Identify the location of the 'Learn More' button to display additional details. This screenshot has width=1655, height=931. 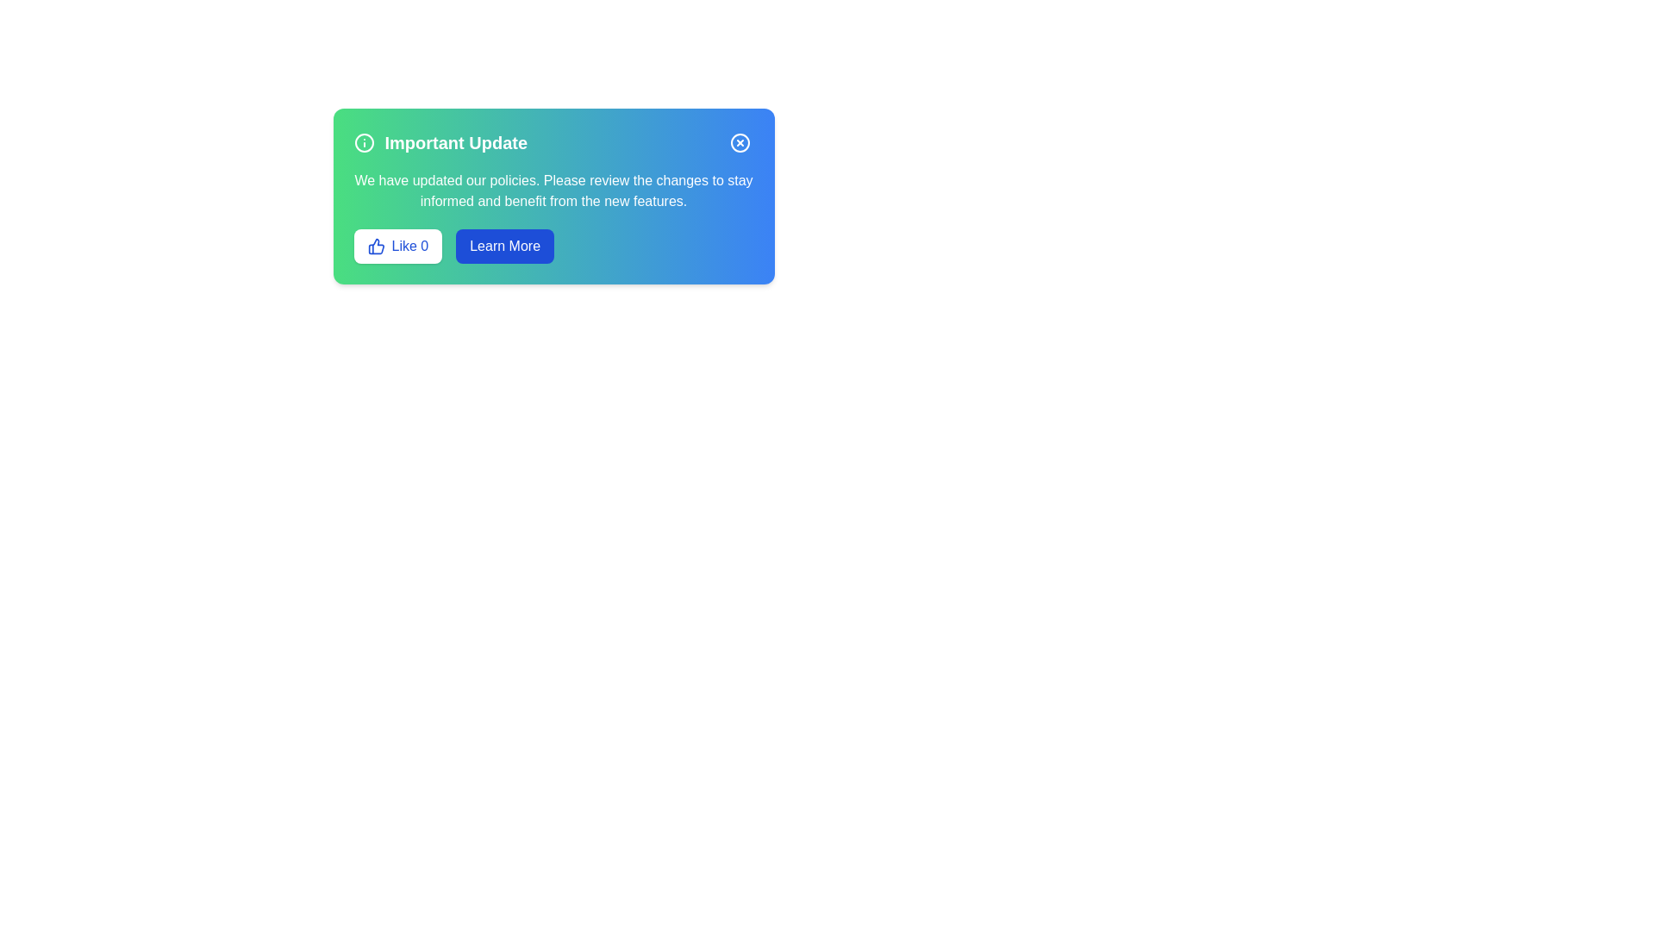
(503, 246).